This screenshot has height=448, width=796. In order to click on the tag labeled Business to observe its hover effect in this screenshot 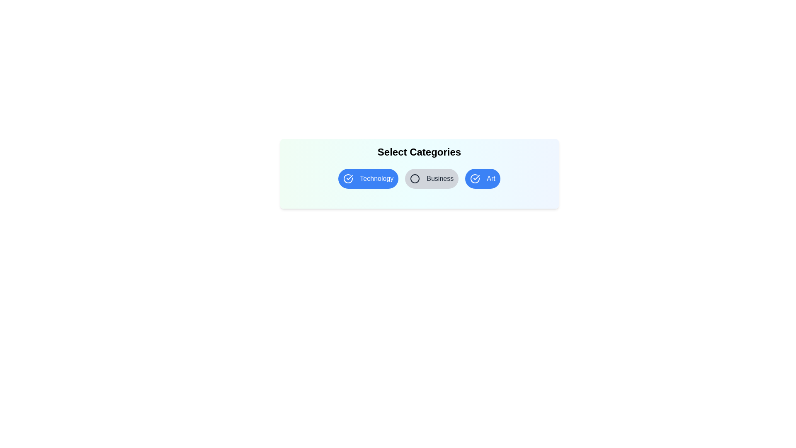, I will do `click(431, 178)`.